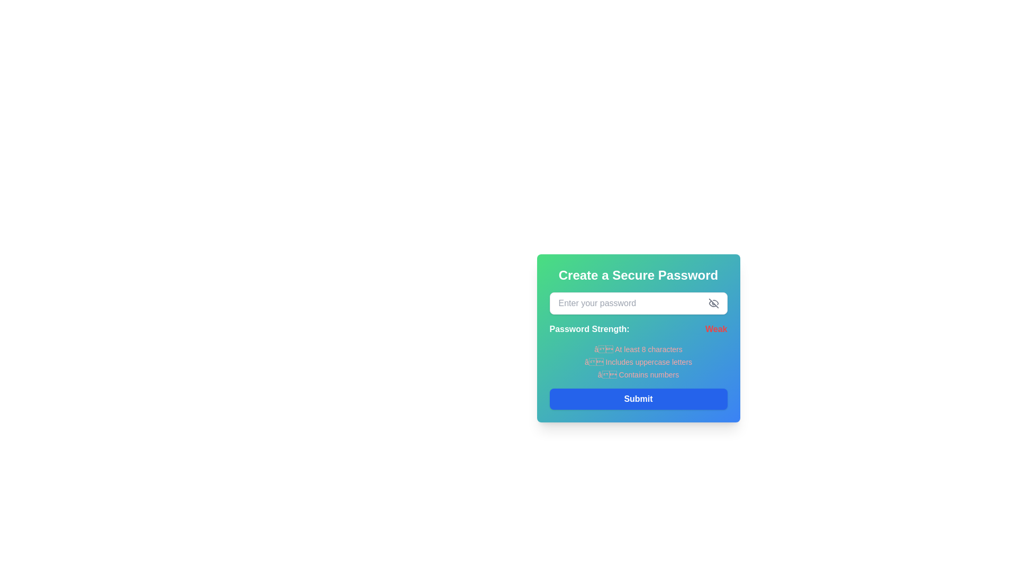 This screenshot has width=1016, height=571. What do you see at coordinates (638, 376) in the screenshot?
I see `the informational text block that provides feedback on password strength, located below the title 'Create a Secure Password' and above the 'Submit' button` at bounding box center [638, 376].